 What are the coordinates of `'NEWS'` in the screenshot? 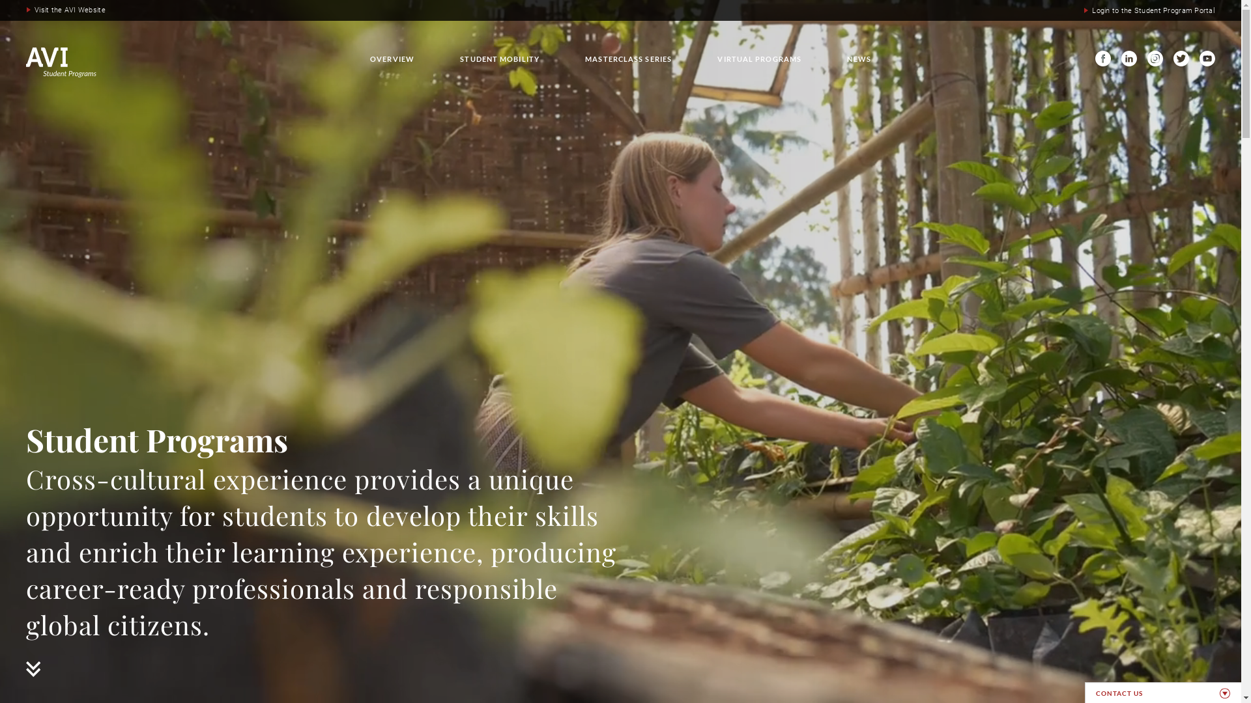 It's located at (859, 59).